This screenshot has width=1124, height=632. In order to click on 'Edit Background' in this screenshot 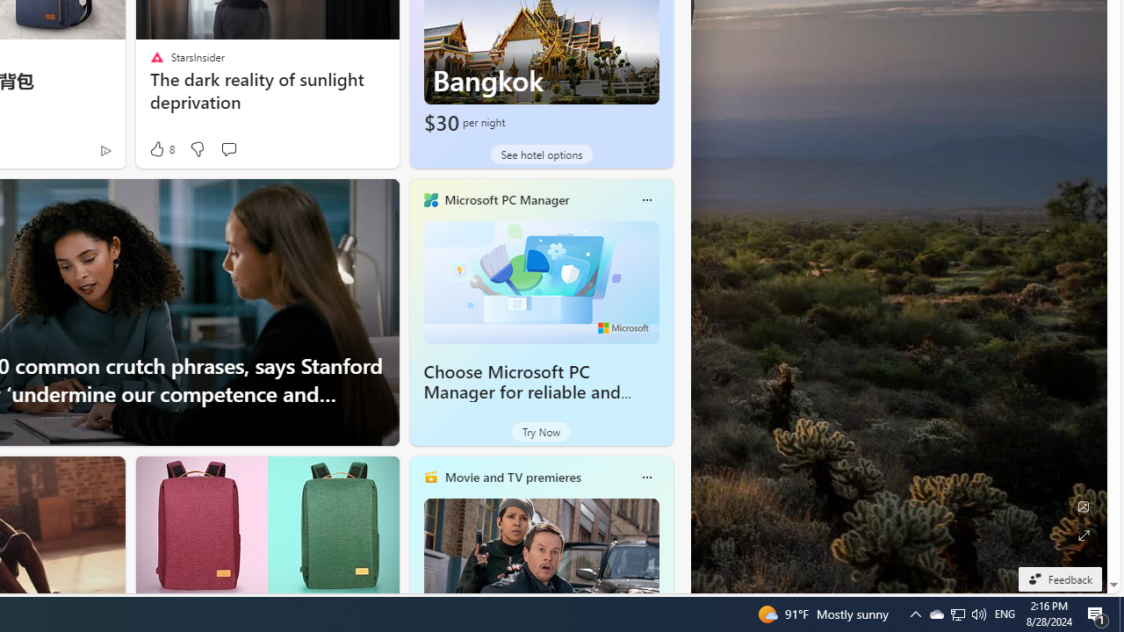, I will do `click(1082, 506)`.